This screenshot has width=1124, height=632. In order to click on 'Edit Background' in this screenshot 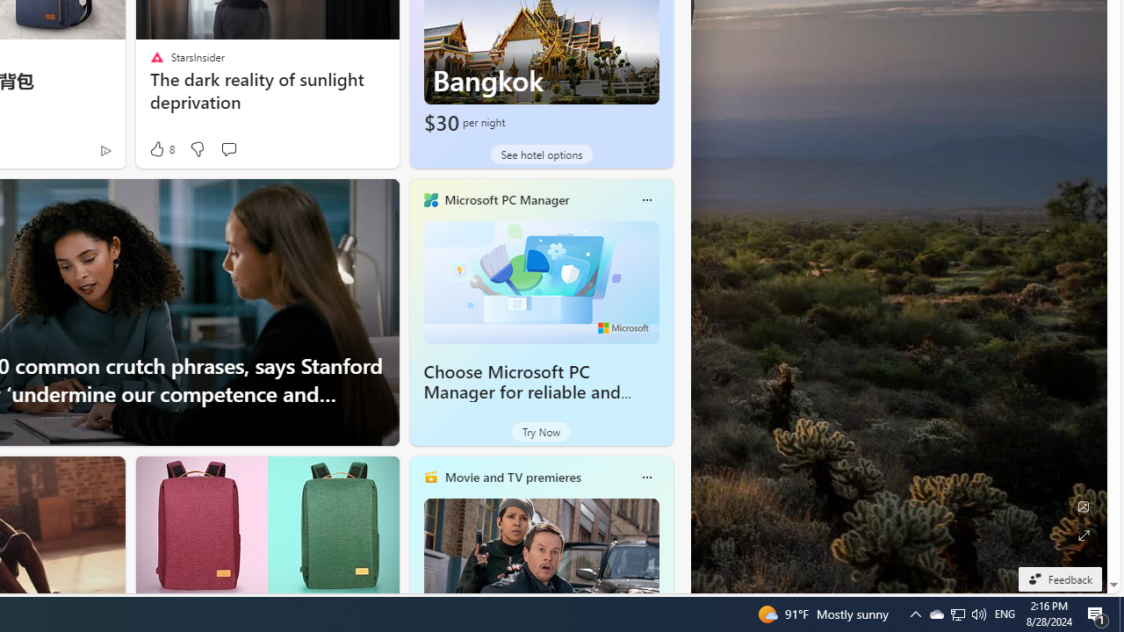, I will do `click(1082, 506)`.